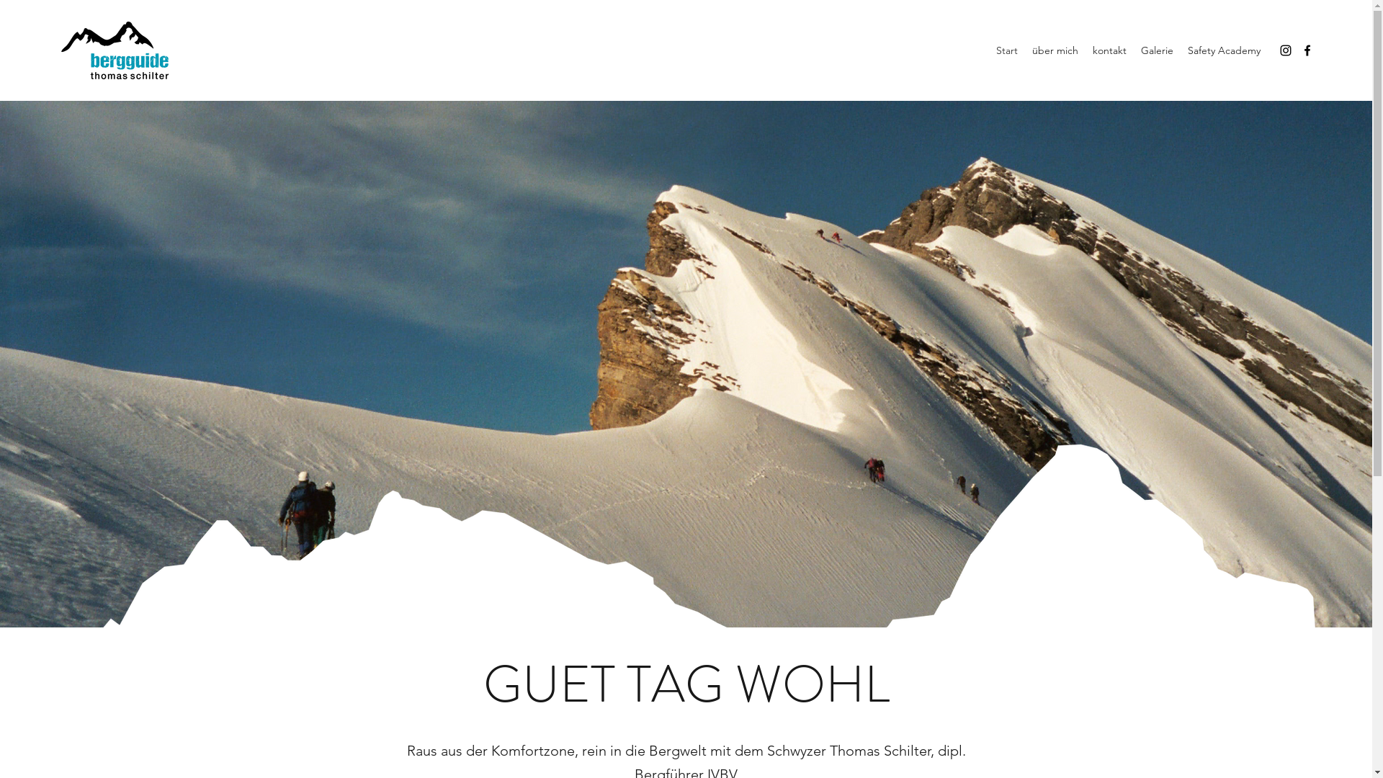 This screenshot has width=1383, height=778. I want to click on 'Safety Academy', so click(1223, 49).